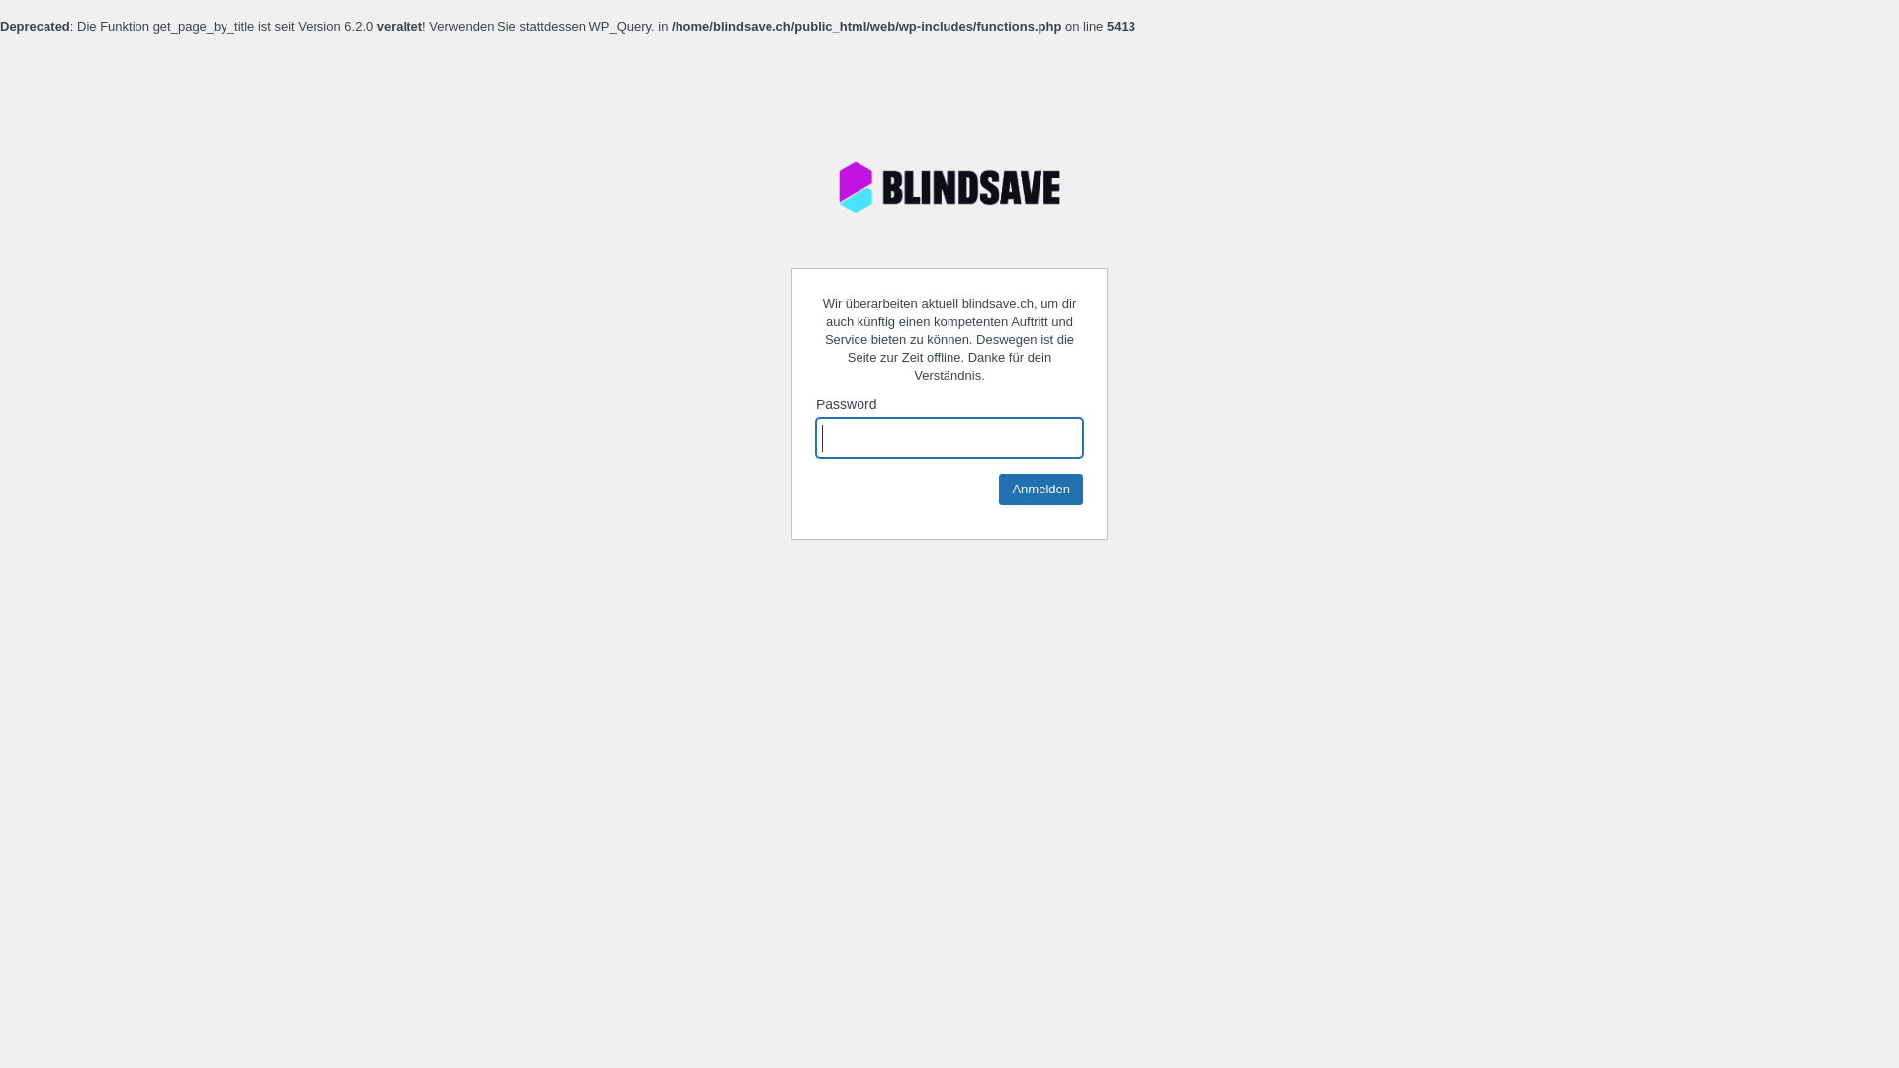 This screenshot has width=1899, height=1068. I want to click on 'BLINDSAVE', so click(949, 187).